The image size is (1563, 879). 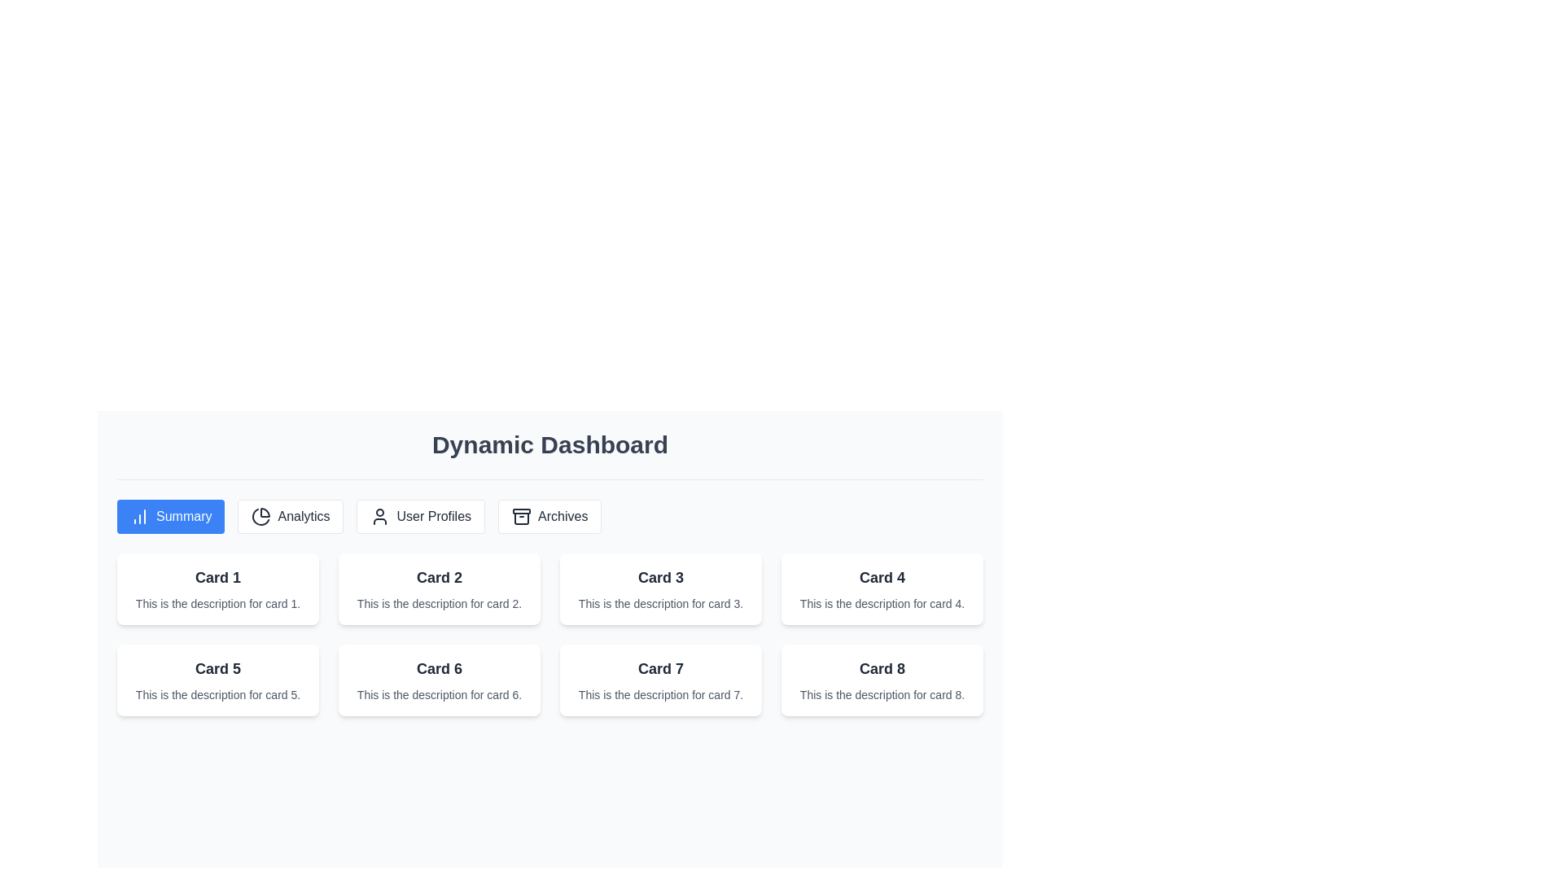 What do you see at coordinates (291, 517) in the screenshot?
I see `the 'Analytics' button, which is the second button in the horizontal navigation row, located between the 'Summary' and 'User Profiles' buttons` at bounding box center [291, 517].